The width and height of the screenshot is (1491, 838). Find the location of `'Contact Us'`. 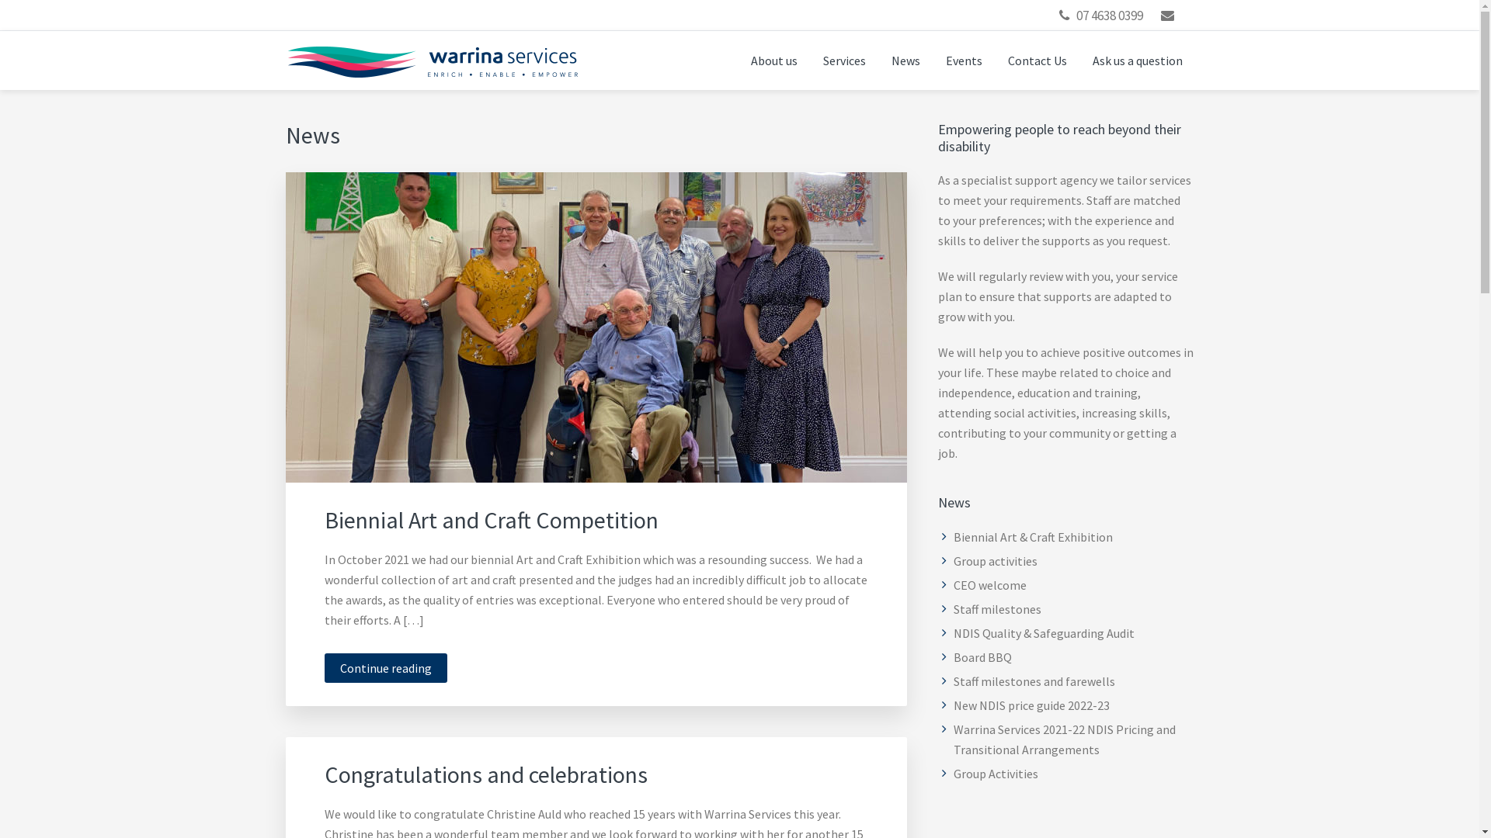

'Contact Us' is located at coordinates (995, 59).